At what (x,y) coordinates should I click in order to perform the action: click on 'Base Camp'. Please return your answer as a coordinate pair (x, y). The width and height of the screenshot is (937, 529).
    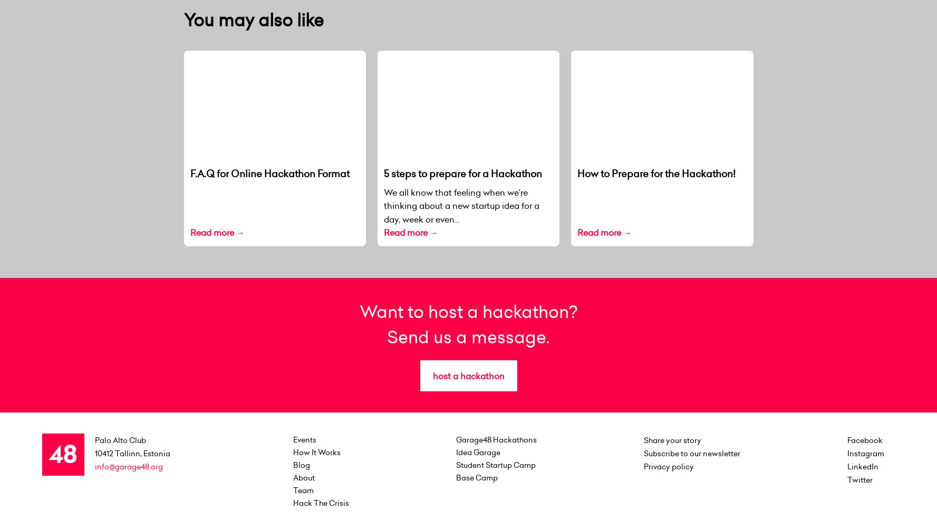
    Looking at the image, I should click on (477, 477).